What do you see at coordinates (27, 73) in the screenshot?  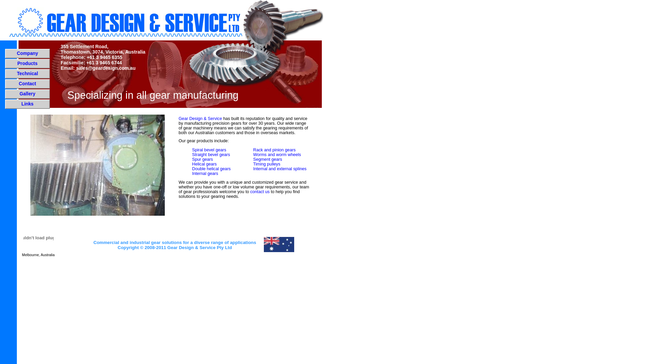 I see `'Technical'` at bounding box center [27, 73].